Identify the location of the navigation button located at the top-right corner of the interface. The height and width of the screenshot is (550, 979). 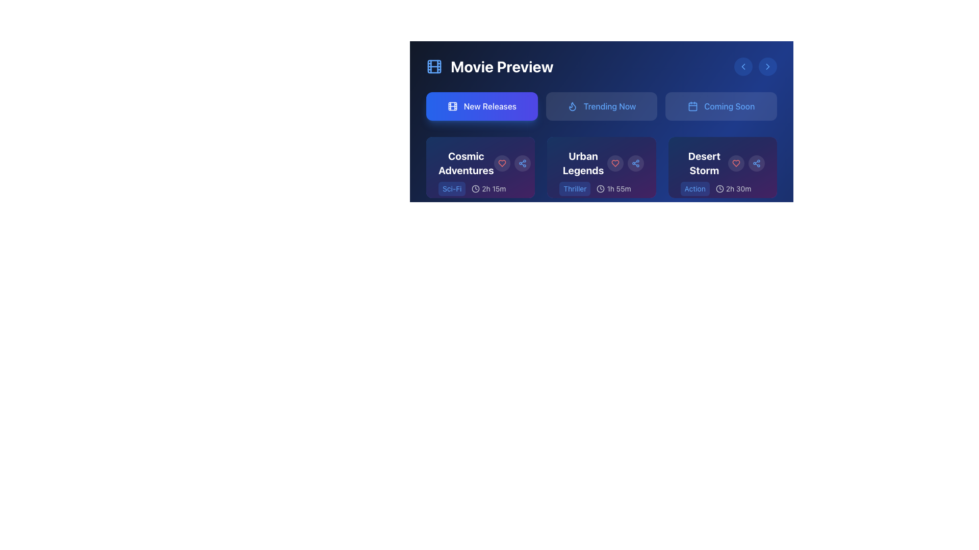
(768, 67).